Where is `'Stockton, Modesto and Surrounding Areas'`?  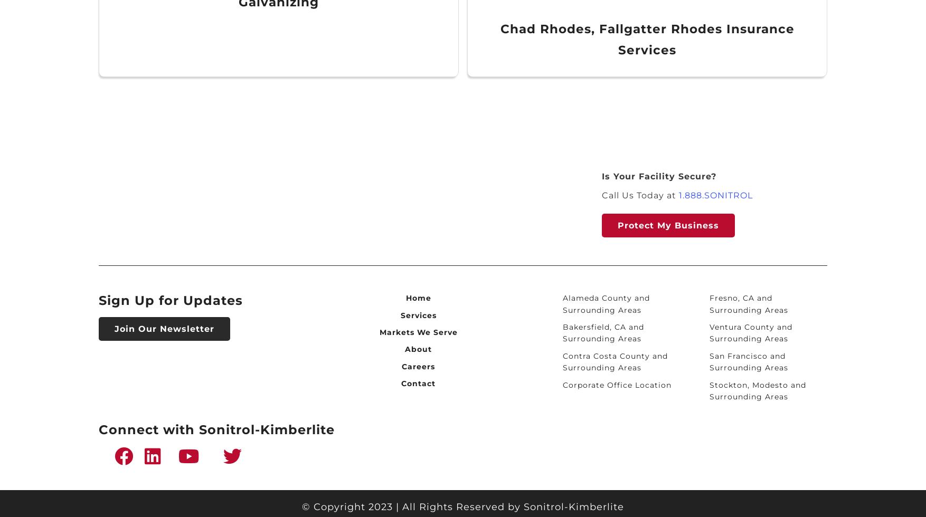 'Stockton, Modesto and Surrounding Areas' is located at coordinates (708, 390).